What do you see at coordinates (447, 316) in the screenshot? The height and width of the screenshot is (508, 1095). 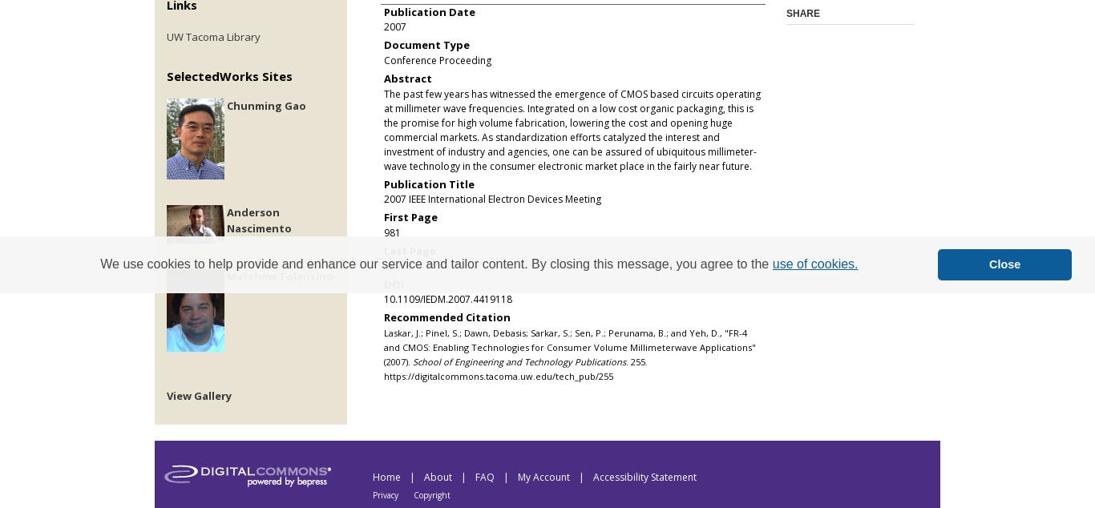 I see `'Recommended Citation'` at bounding box center [447, 316].